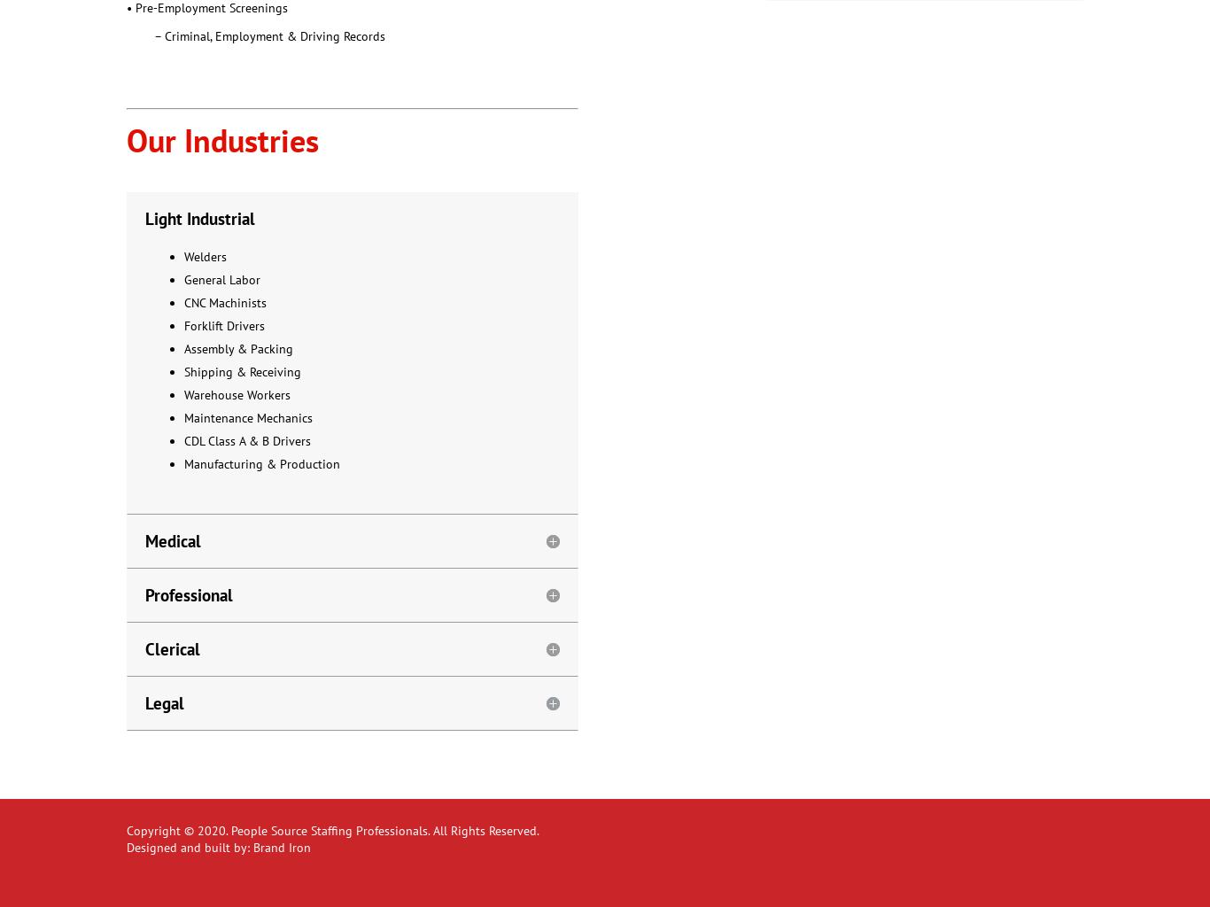 This screenshot has width=1210, height=907. Describe the element at coordinates (126, 138) in the screenshot. I see `'Our Industries'` at that location.